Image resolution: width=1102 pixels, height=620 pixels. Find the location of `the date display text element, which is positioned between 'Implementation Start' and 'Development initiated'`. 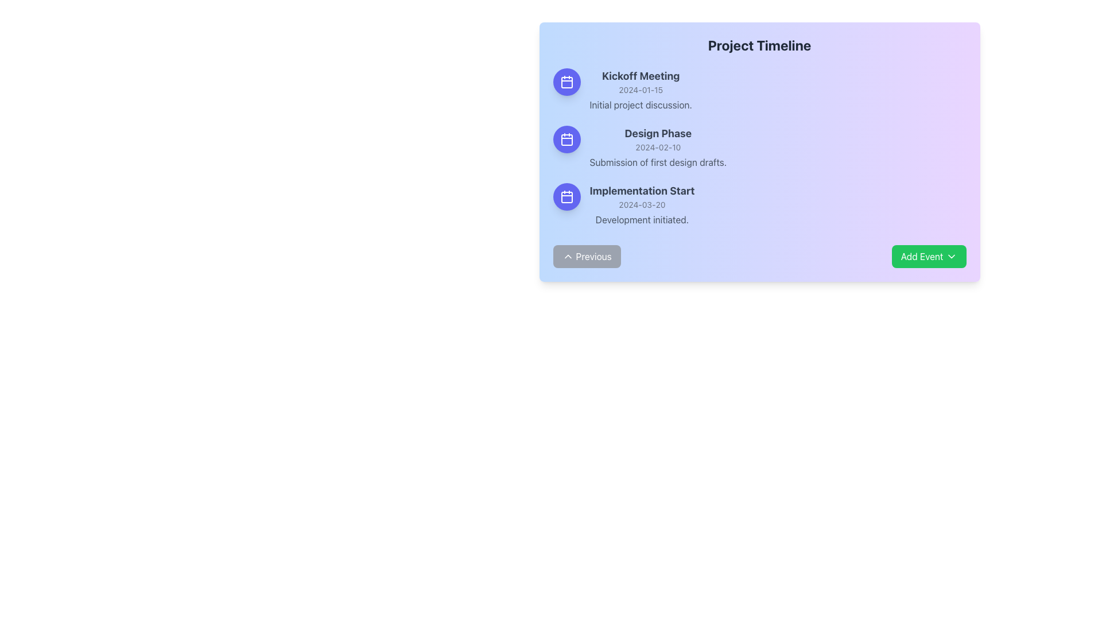

the date display text element, which is positioned between 'Implementation Start' and 'Development initiated' is located at coordinates (641, 204).